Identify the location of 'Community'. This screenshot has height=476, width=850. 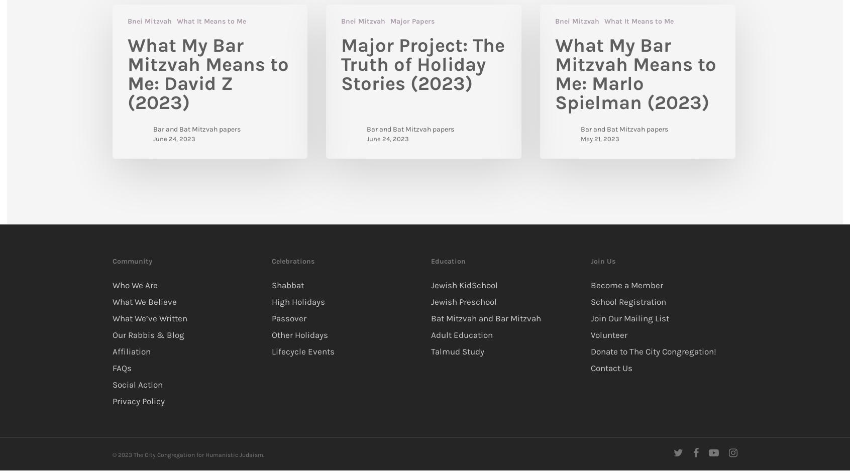
(132, 261).